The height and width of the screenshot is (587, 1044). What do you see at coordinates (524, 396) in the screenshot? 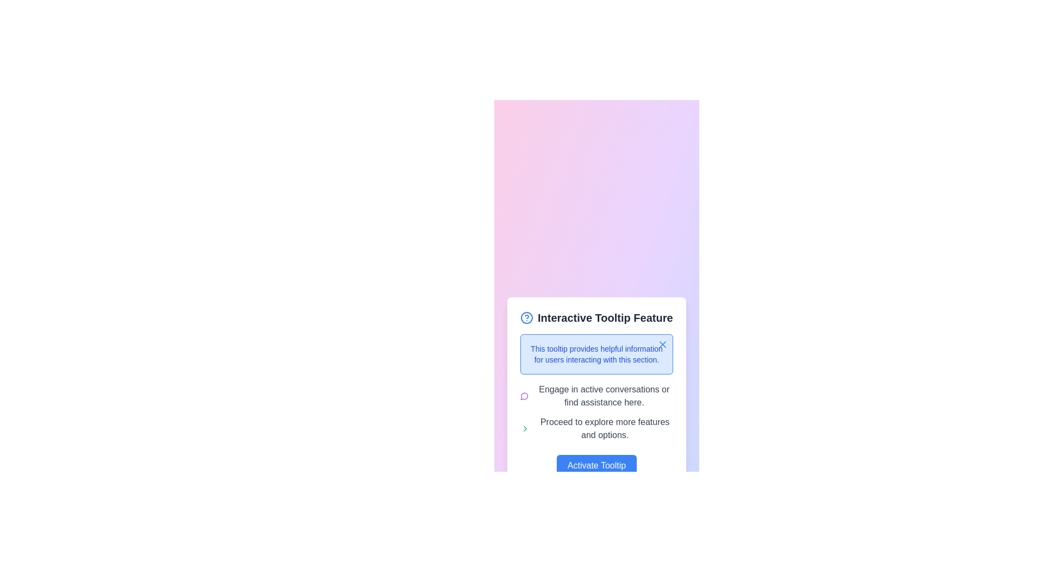
I see `the messaging icon located at the top-left corner of the section containing the text 'Engage in active conversations or find assistance here.'` at bounding box center [524, 396].